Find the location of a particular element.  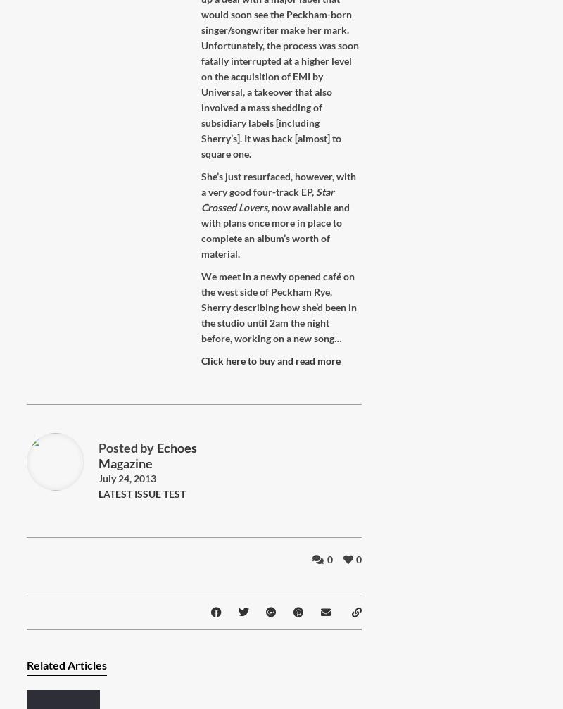

', now available and with plans once more in place to complete an album’s worth of material.' is located at coordinates (274, 230).